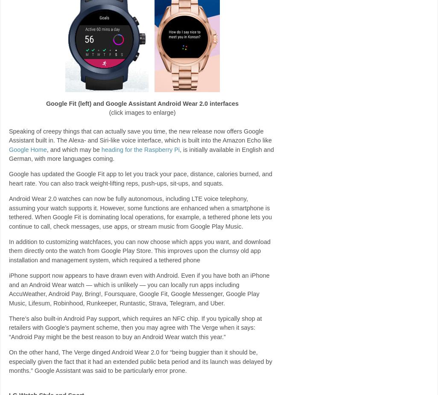 The image size is (438, 395). I want to click on '(click images to enlarge)', so click(108, 113).